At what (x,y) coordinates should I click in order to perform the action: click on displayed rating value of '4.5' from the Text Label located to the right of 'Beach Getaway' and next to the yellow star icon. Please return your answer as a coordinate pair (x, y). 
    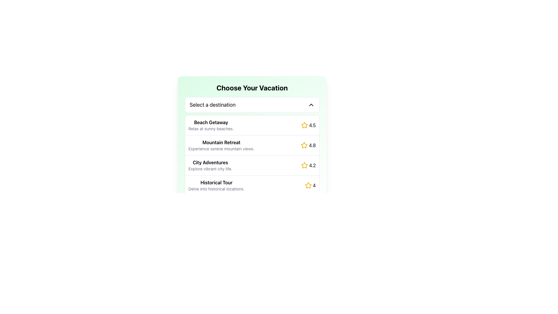
    Looking at the image, I should click on (312, 125).